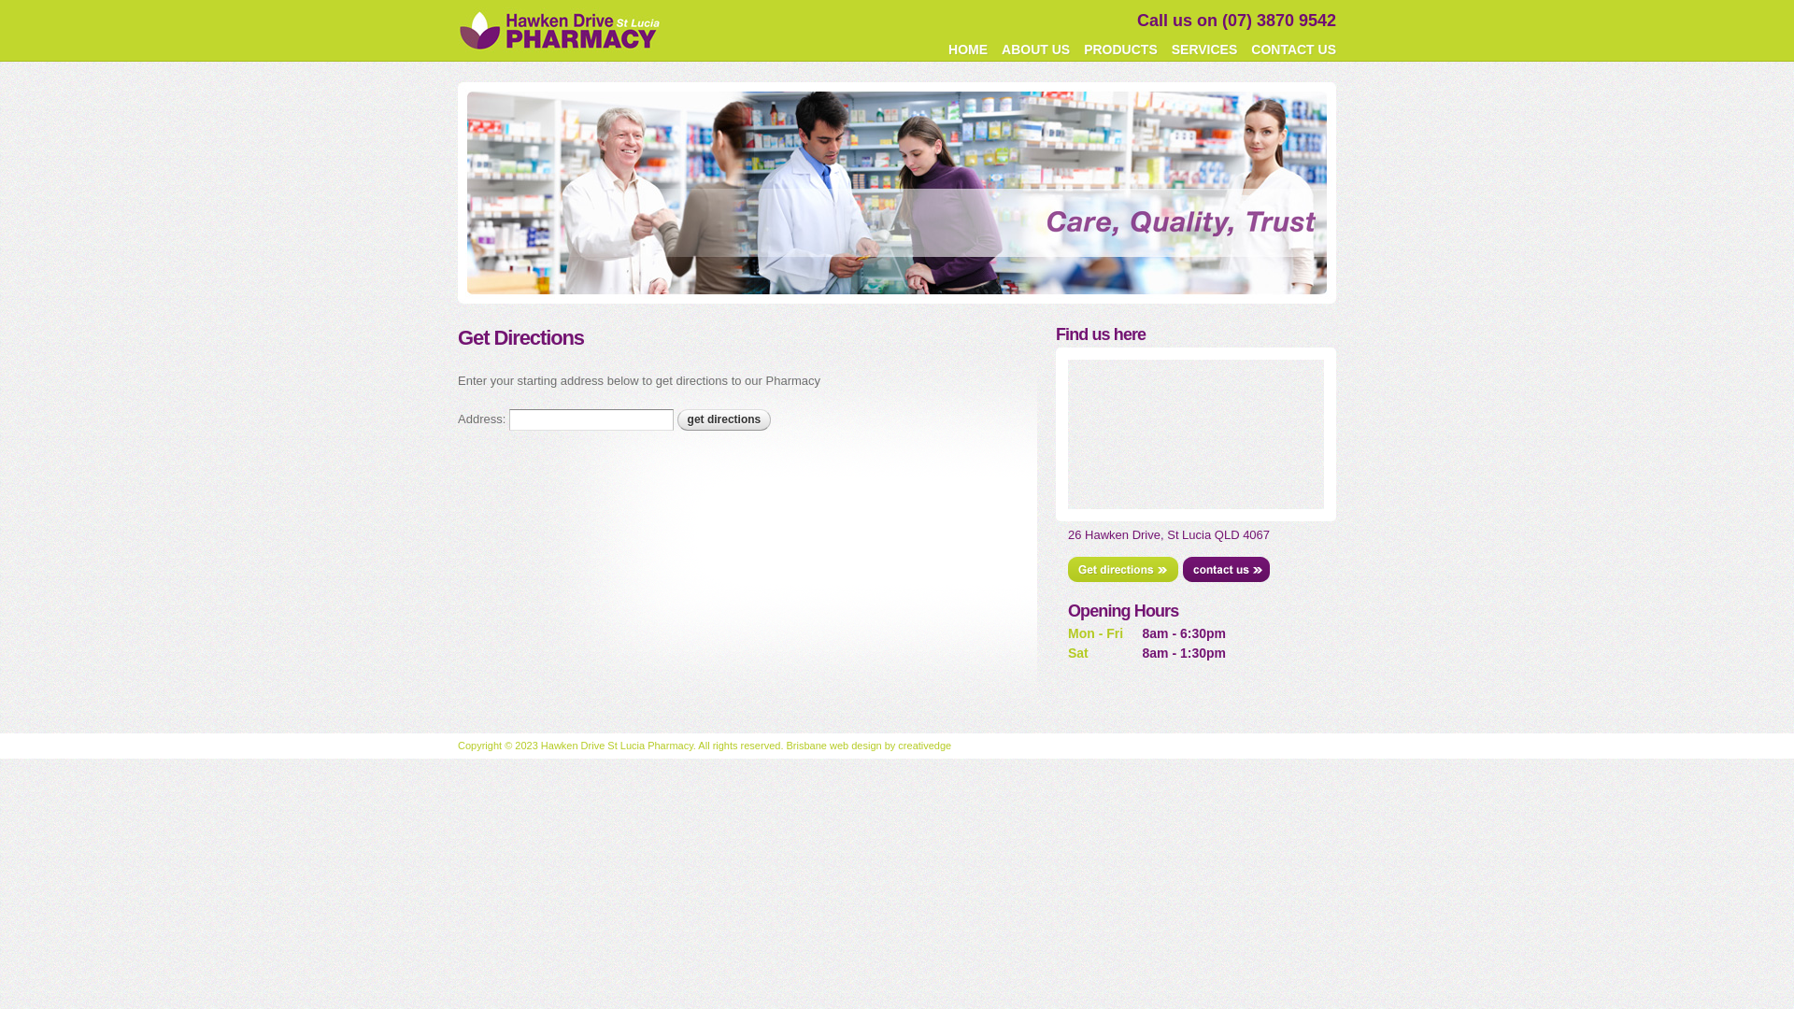 This screenshot has height=1009, width=1794. I want to click on '26 Hawken Drive, St Lucia QLD 4067', so click(1168, 534).